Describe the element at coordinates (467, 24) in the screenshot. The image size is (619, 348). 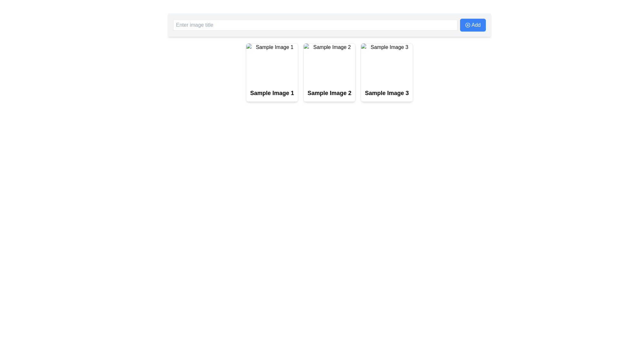
I see `the SVG Decorative Icon located in the top-right corner of the 'Add' button, which visually complements its function` at that location.